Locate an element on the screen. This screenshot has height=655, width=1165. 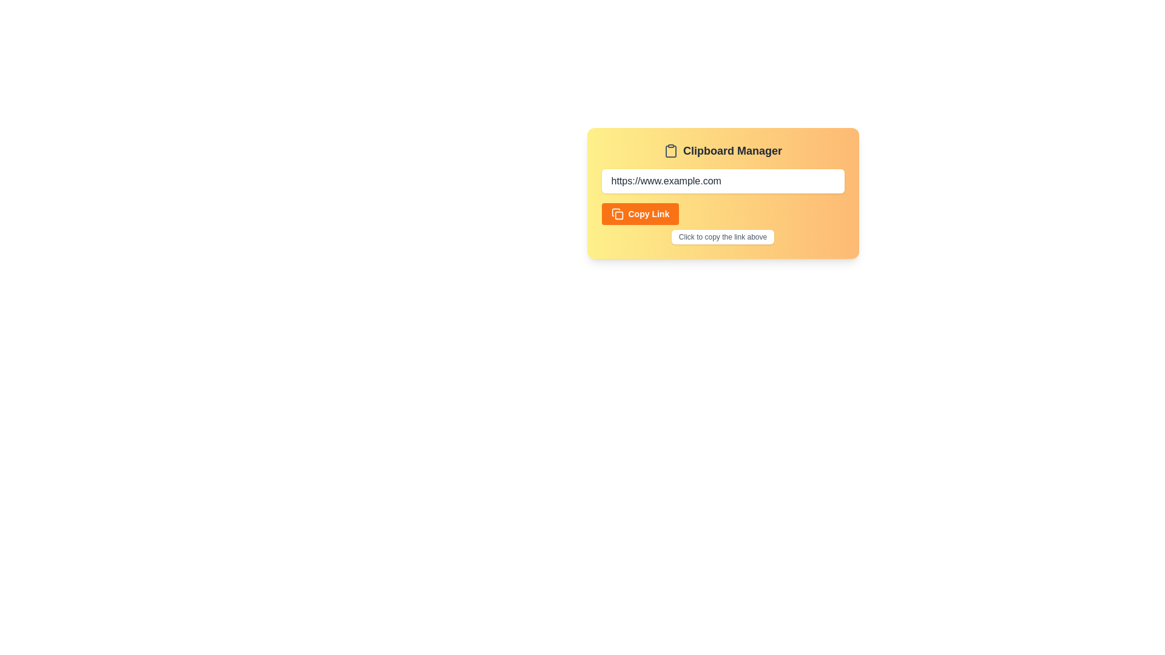
the clipboard icon, which is a minimalistic gray outline located to the left of the 'Clipboard Manager' text is located at coordinates (670, 150).